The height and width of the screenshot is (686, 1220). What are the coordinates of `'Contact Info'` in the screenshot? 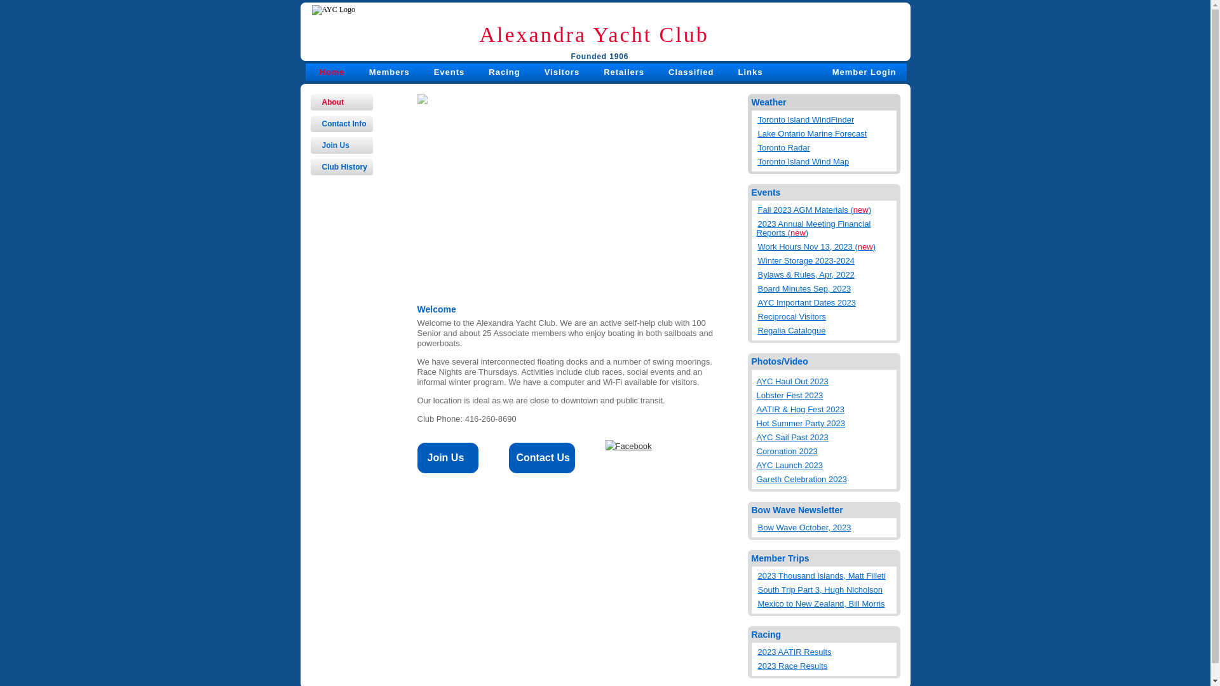 It's located at (341, 124).